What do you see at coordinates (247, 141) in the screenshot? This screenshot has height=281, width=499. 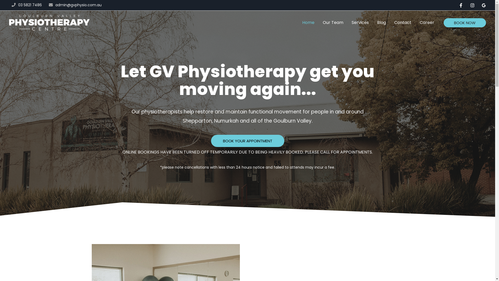 I see `'BOOK YOUR APPOINTMENT'` at bounding box center [247, 141].